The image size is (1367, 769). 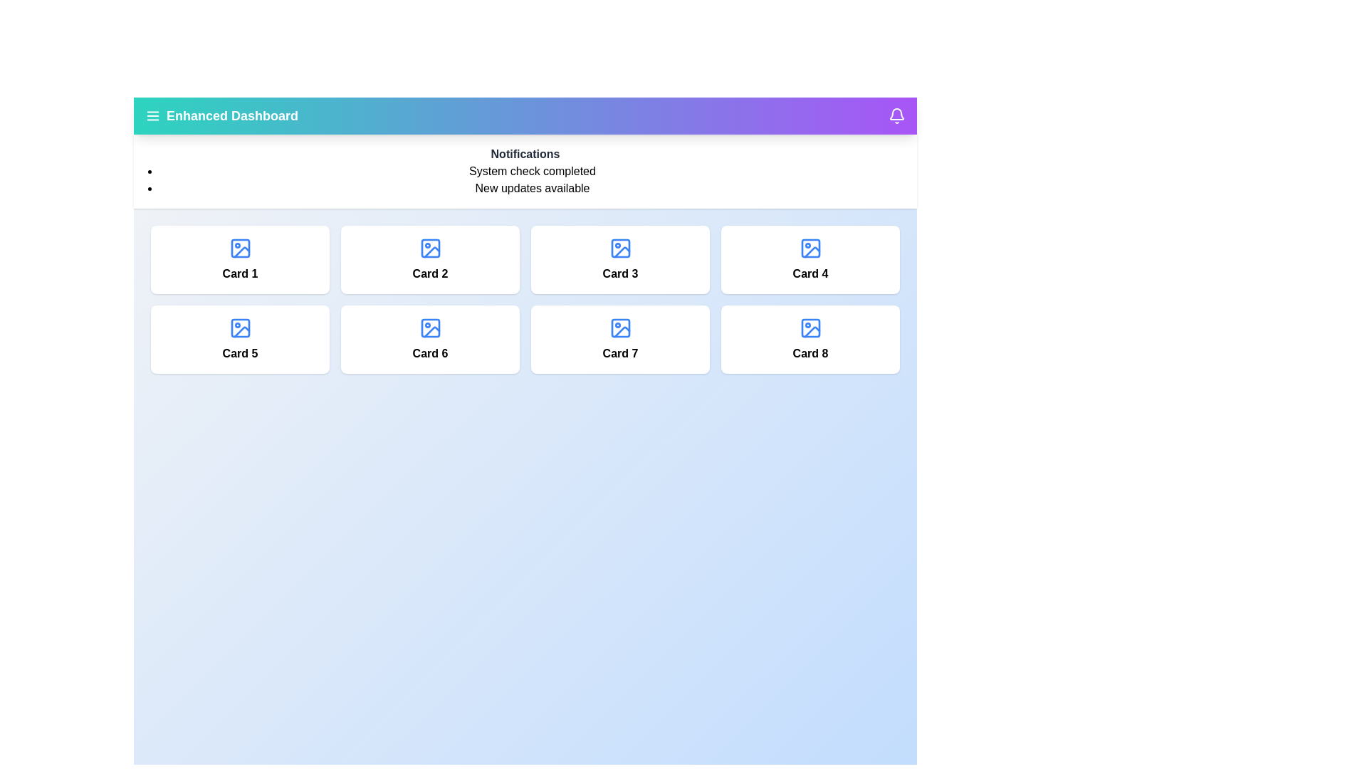 I want to click on the bell icon to toggle the visibility of the notifications section, so click(x=896, y=115).